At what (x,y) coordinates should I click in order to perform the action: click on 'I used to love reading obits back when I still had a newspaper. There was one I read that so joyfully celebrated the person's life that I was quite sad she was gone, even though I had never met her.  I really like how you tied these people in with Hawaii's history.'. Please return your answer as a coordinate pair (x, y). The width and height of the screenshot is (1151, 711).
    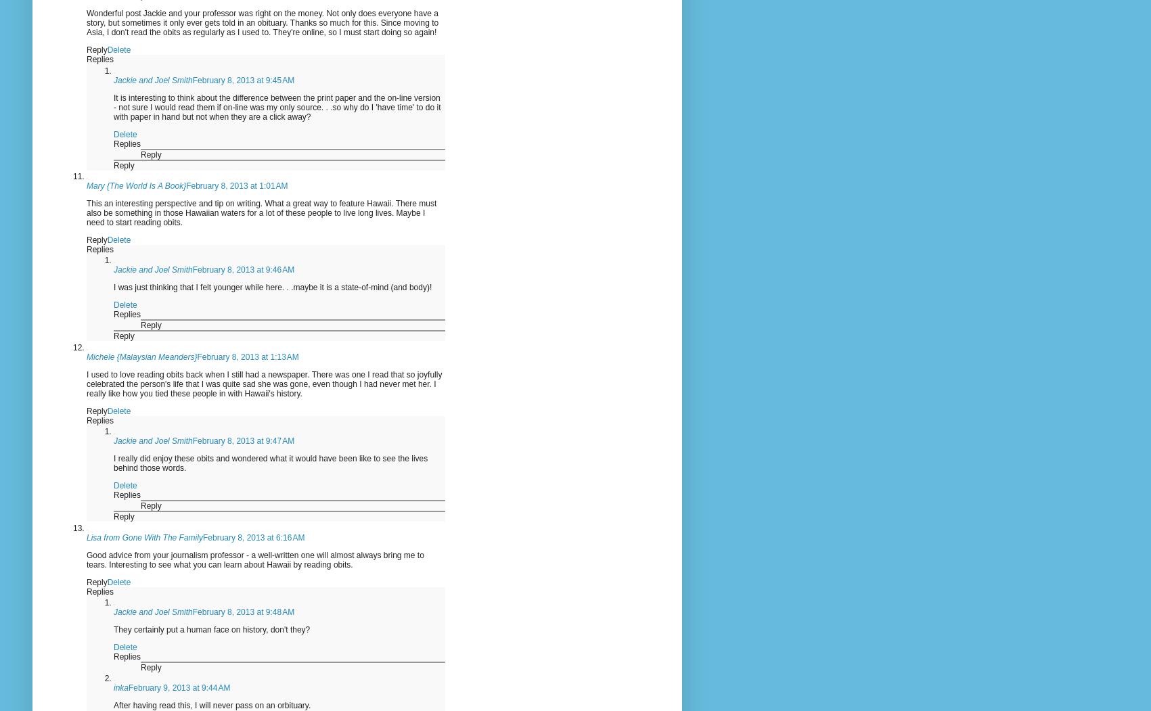
    Looking at the image, I should click on (85, 384).